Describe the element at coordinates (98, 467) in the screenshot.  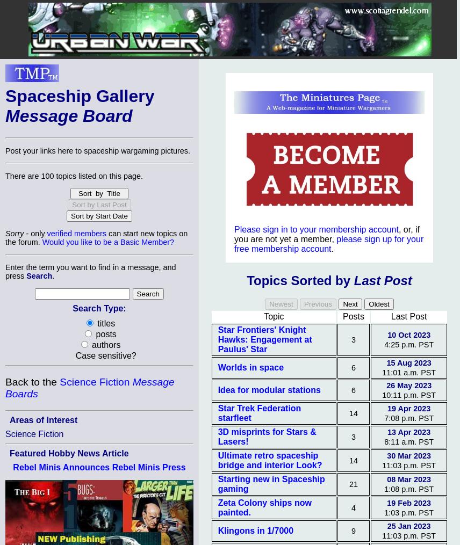
I see `'Rebel Minis Announces Rebel Minis Press'` at that location.